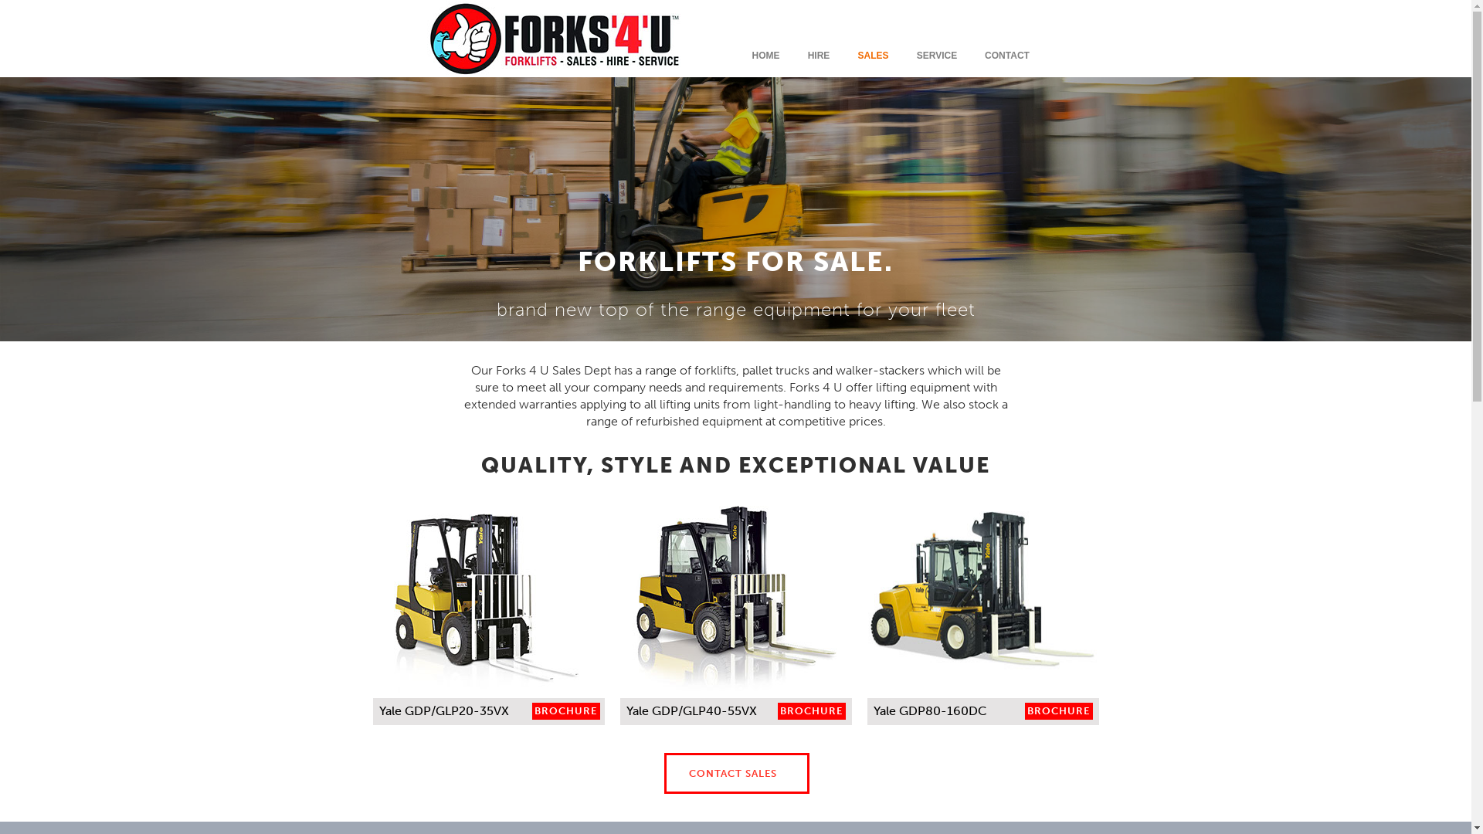 This screenshot has height=834, width=1483. I want to click on 'SERVICE', so click(932, 55).